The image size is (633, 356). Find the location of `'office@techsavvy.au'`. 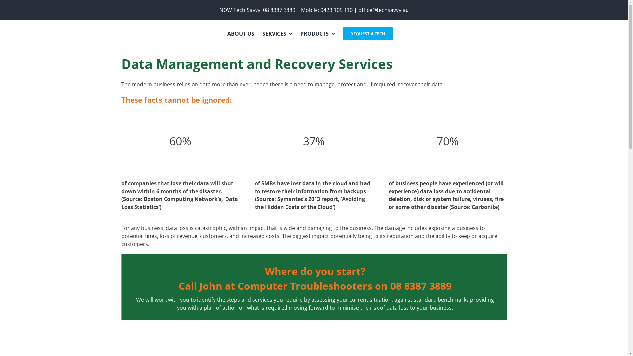

'office@techsavvy.au' is located at coordinates (383, 10).